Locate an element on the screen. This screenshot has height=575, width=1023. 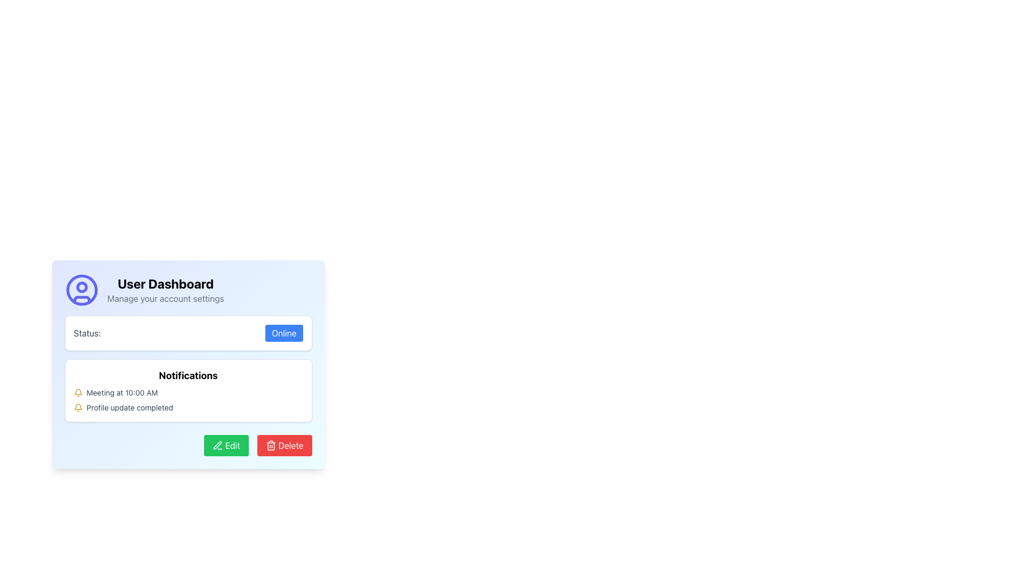
the second notification item in the 'Notifications' section, which informs the user about the completion of a profile update is located at coordinates (188, 407).